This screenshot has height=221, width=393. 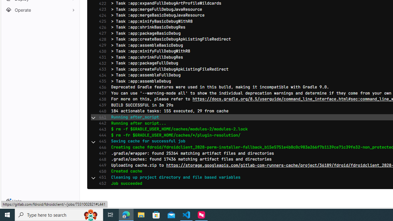 I want to click on '438', so click(x=101, y=99).